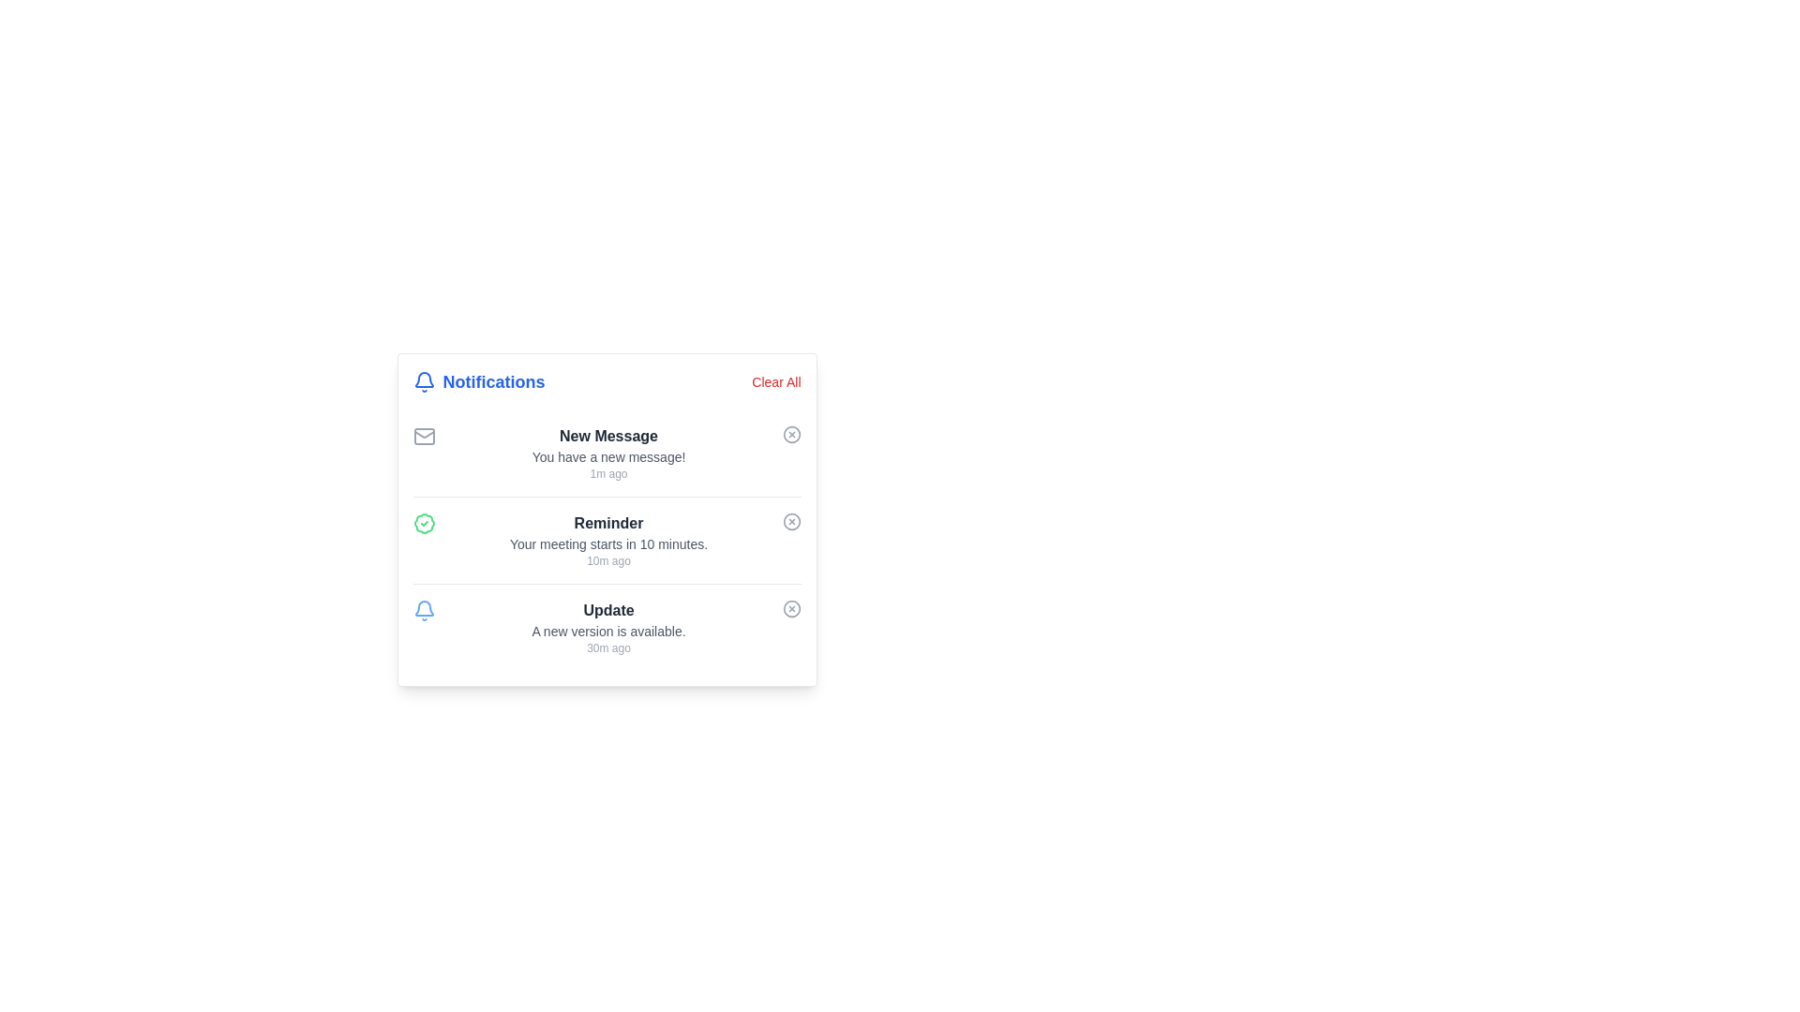  What do you see at coordinates (791, 521) in the screenshot?
I see `the decorative graphical circle element located next to the 'Reminder' notification icon` at bounding box center [791, 521].